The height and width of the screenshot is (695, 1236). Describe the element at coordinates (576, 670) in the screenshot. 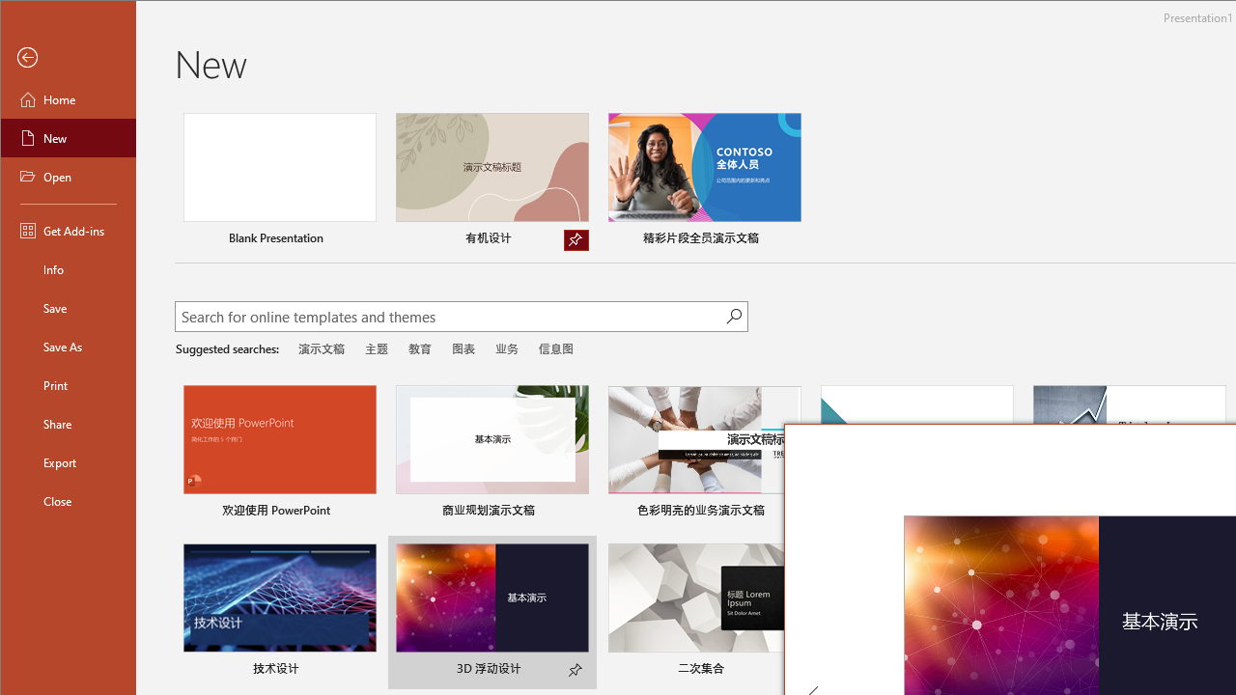

I see `'Pin to list'` at that location.